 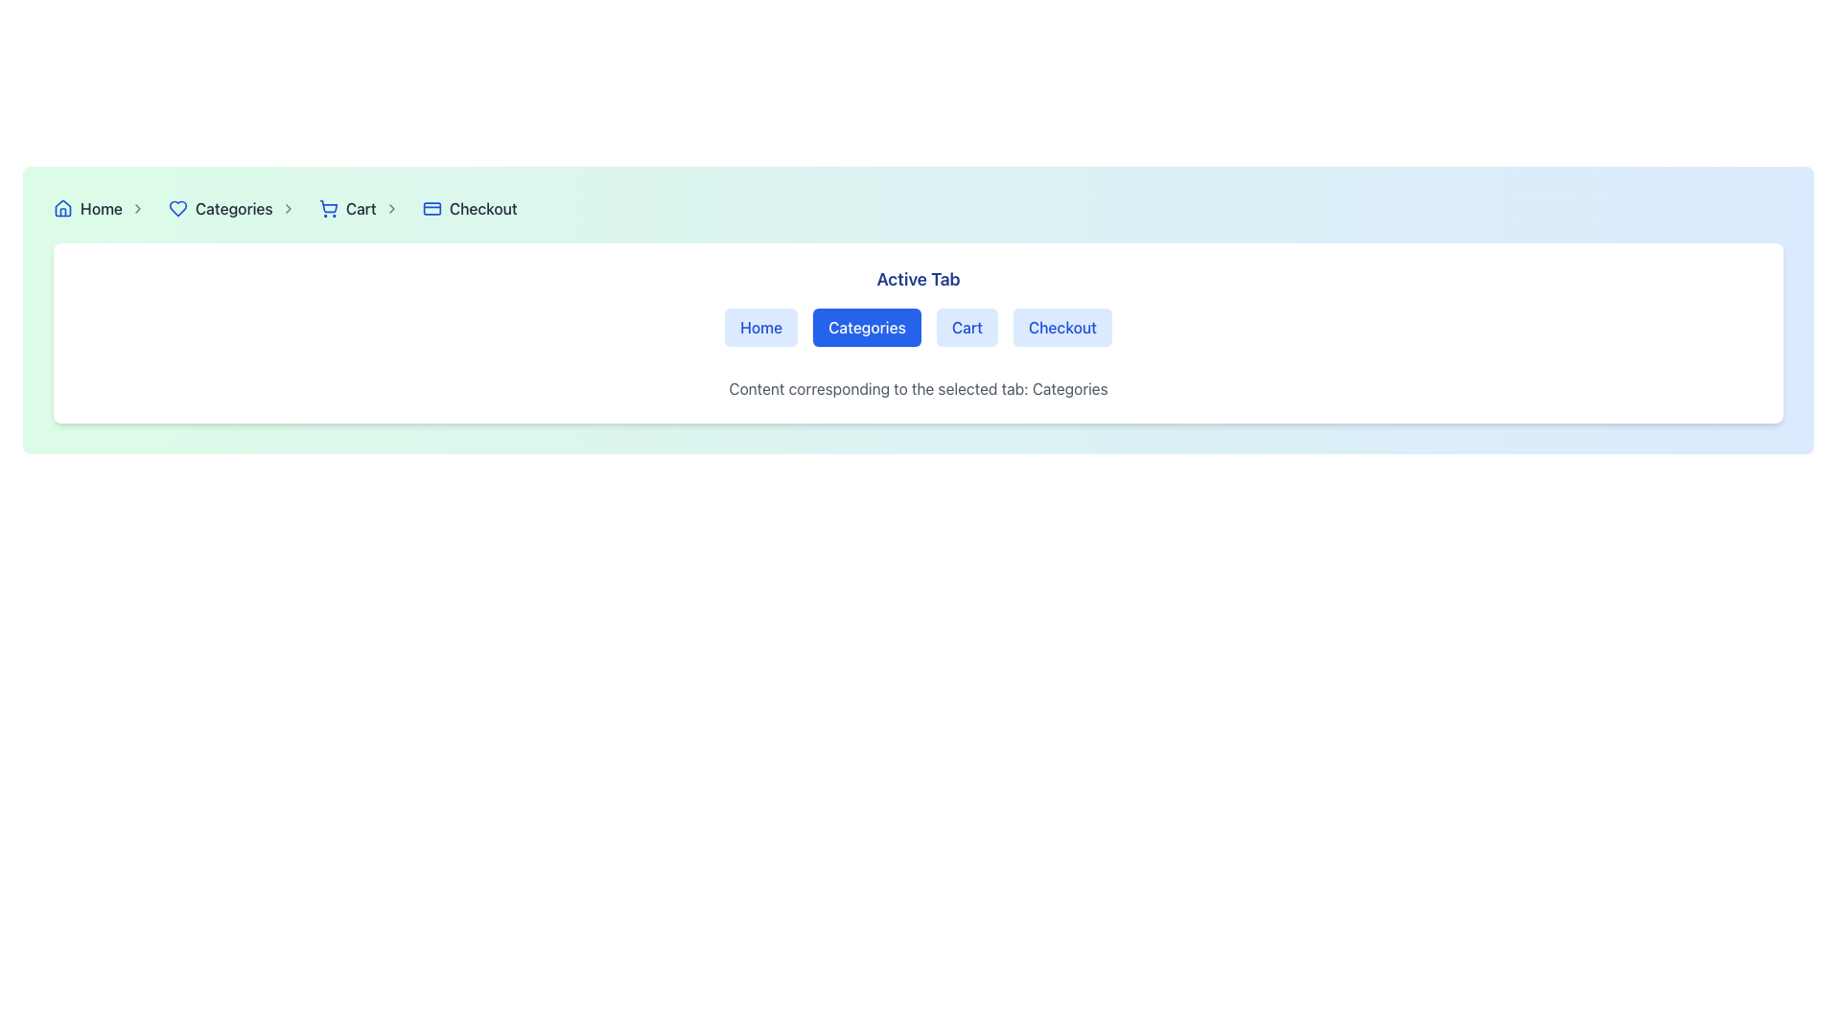 I want to click on the fourth breadcrumb item in the top-right navigation, so click(x=470, y=209).